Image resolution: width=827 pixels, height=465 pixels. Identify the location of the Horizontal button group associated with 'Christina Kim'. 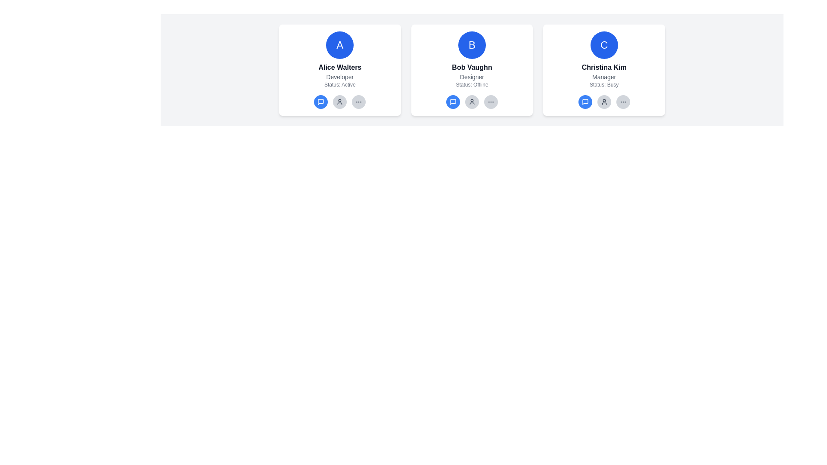
(603, 101).